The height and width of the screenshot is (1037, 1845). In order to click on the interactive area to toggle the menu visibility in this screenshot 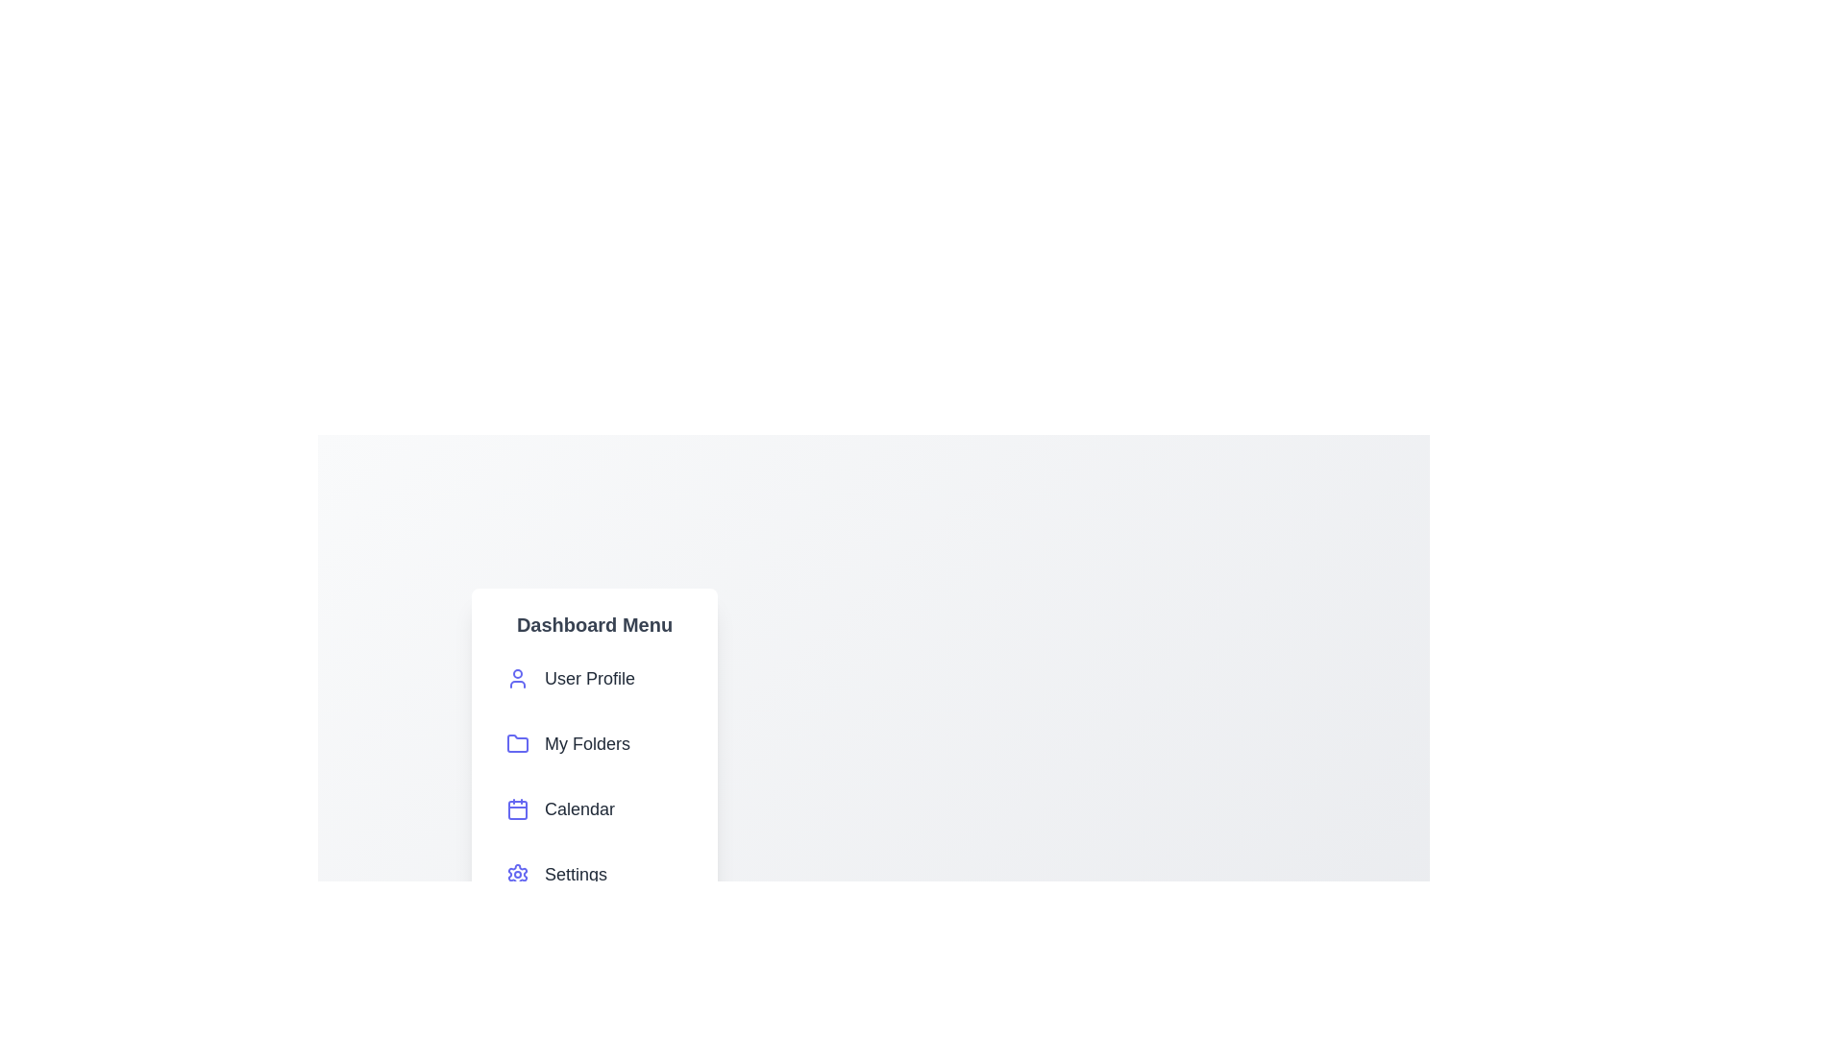, I will do `click(873, 953)`.